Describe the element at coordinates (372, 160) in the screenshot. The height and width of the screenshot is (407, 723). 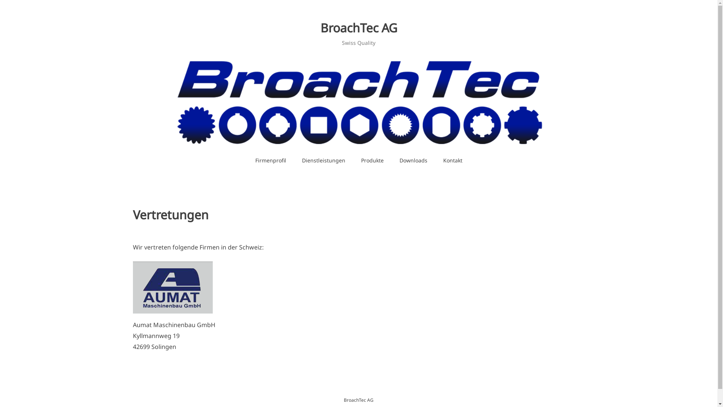
I see `'Produkte'` at that location.